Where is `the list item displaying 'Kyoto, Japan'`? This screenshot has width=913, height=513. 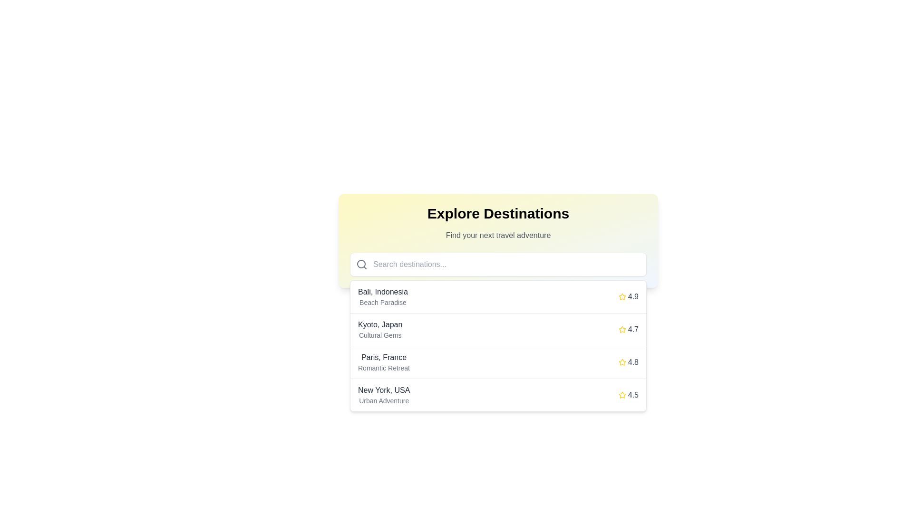
the list item displaying 'Kyoto, Japan' is located at coordinates (497, 329).